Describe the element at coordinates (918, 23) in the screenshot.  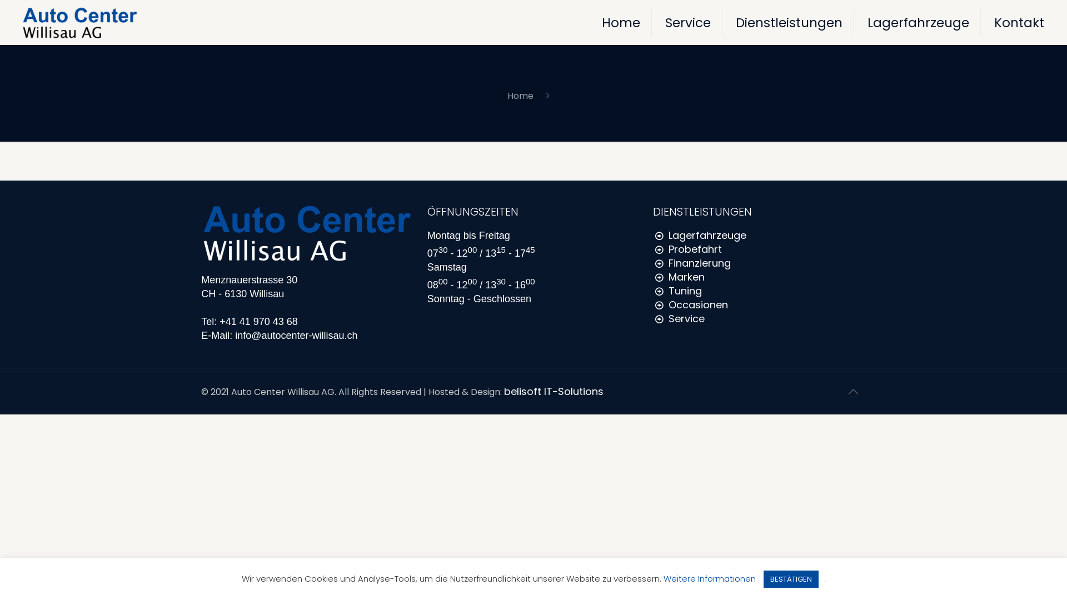
I see `'Lagerfahrzeuge'` at that location.